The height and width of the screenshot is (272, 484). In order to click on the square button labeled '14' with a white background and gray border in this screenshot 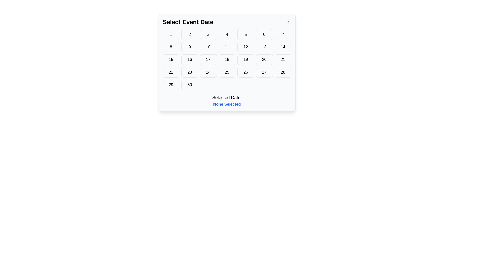, I will do `click(283, 47)`.